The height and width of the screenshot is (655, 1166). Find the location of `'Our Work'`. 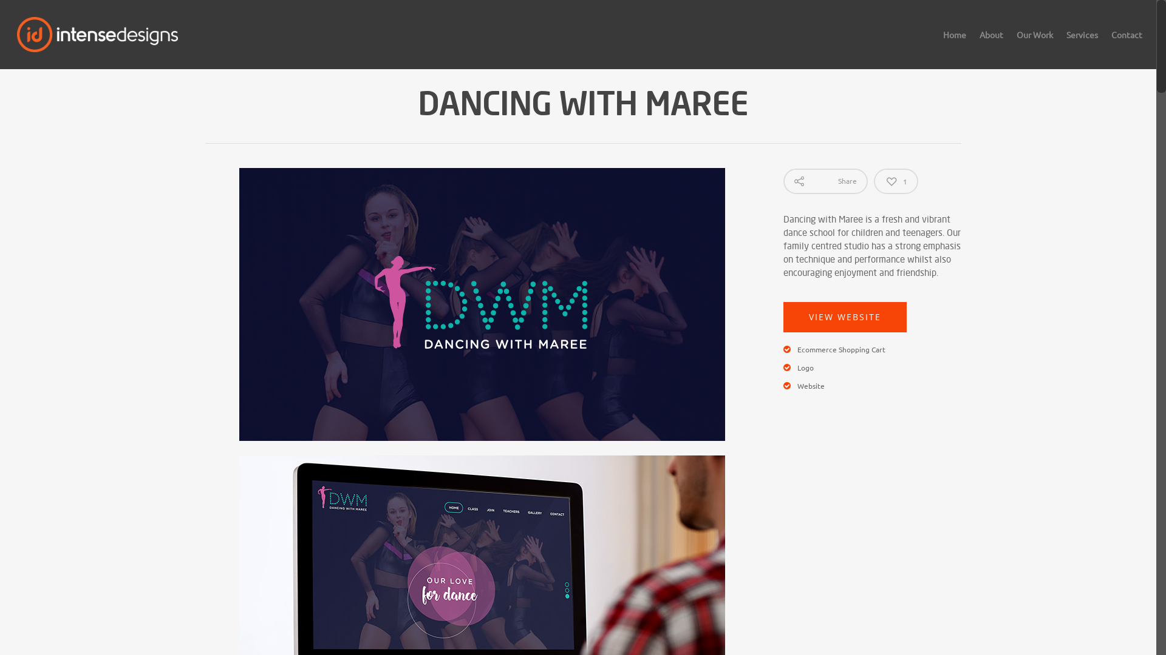

'Our Work' is located at coordinates (1011, 42).